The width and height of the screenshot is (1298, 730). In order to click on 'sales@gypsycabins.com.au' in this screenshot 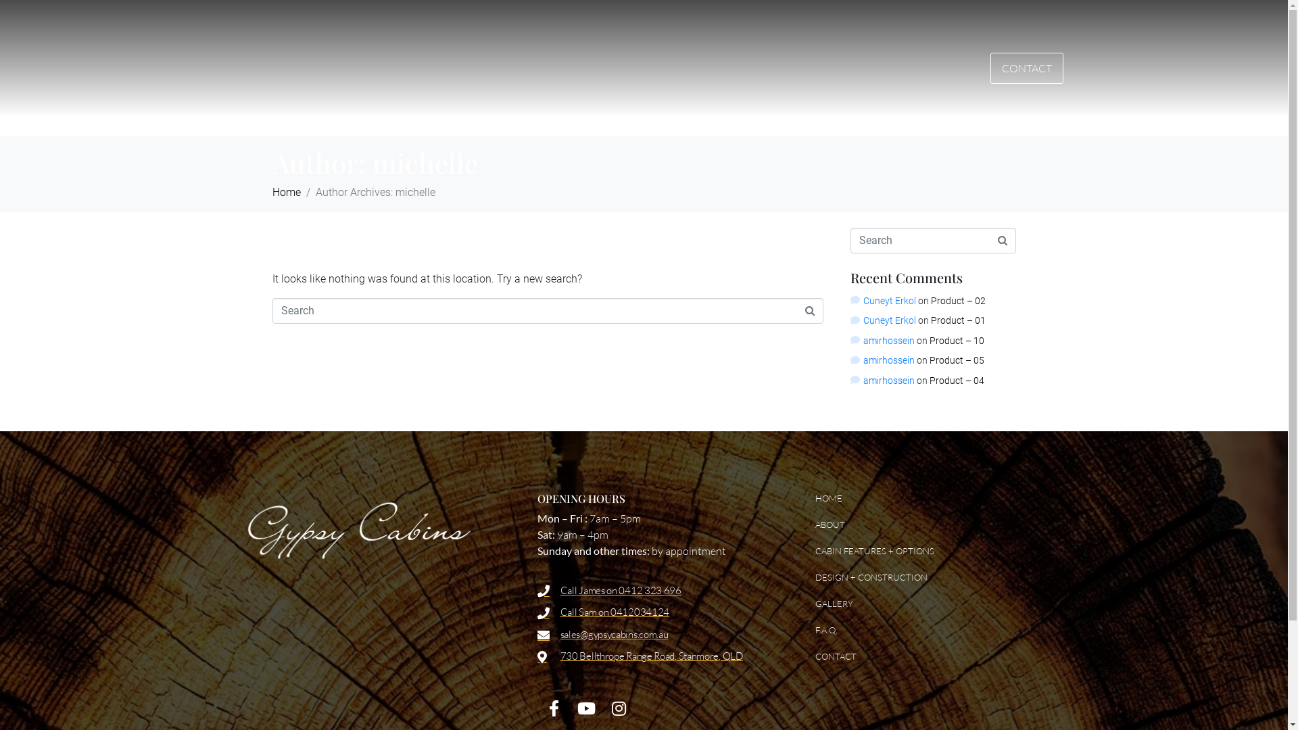, I will do `click(659, 635)`.